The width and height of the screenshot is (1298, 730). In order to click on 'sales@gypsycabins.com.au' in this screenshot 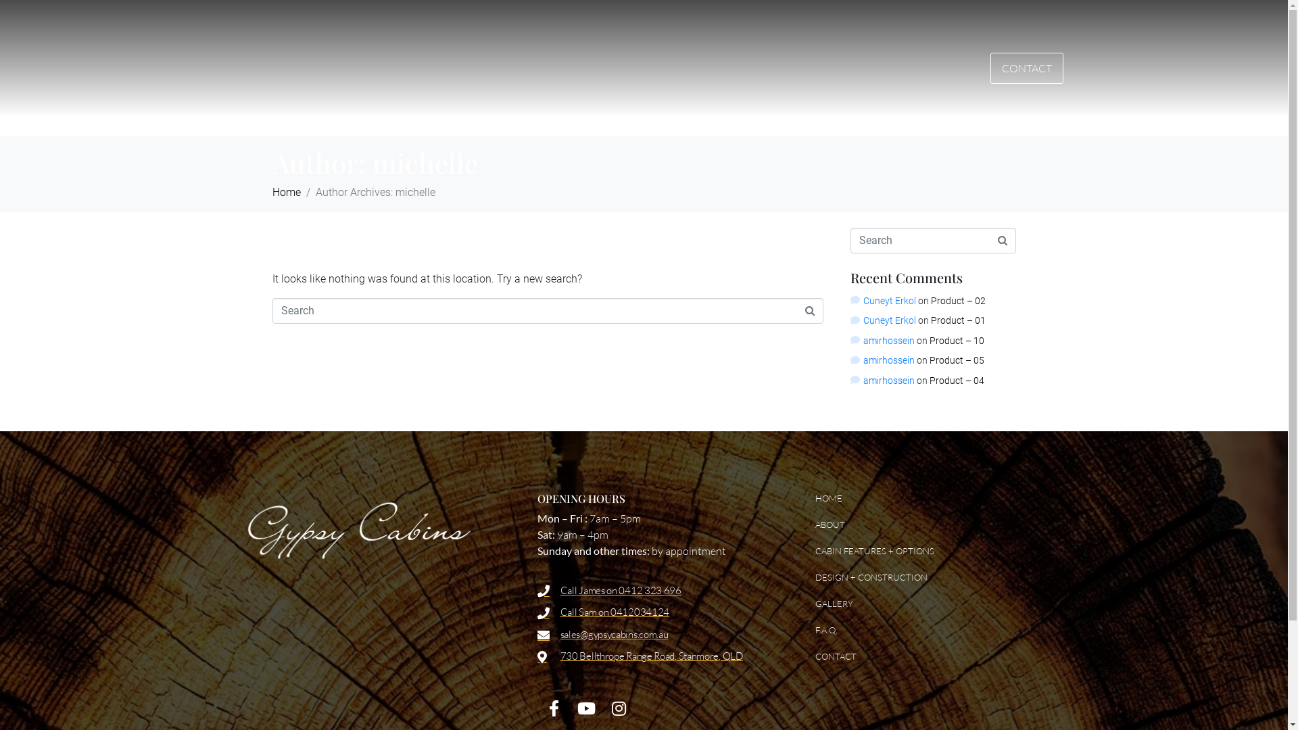, I will do `click(659, 635)`.